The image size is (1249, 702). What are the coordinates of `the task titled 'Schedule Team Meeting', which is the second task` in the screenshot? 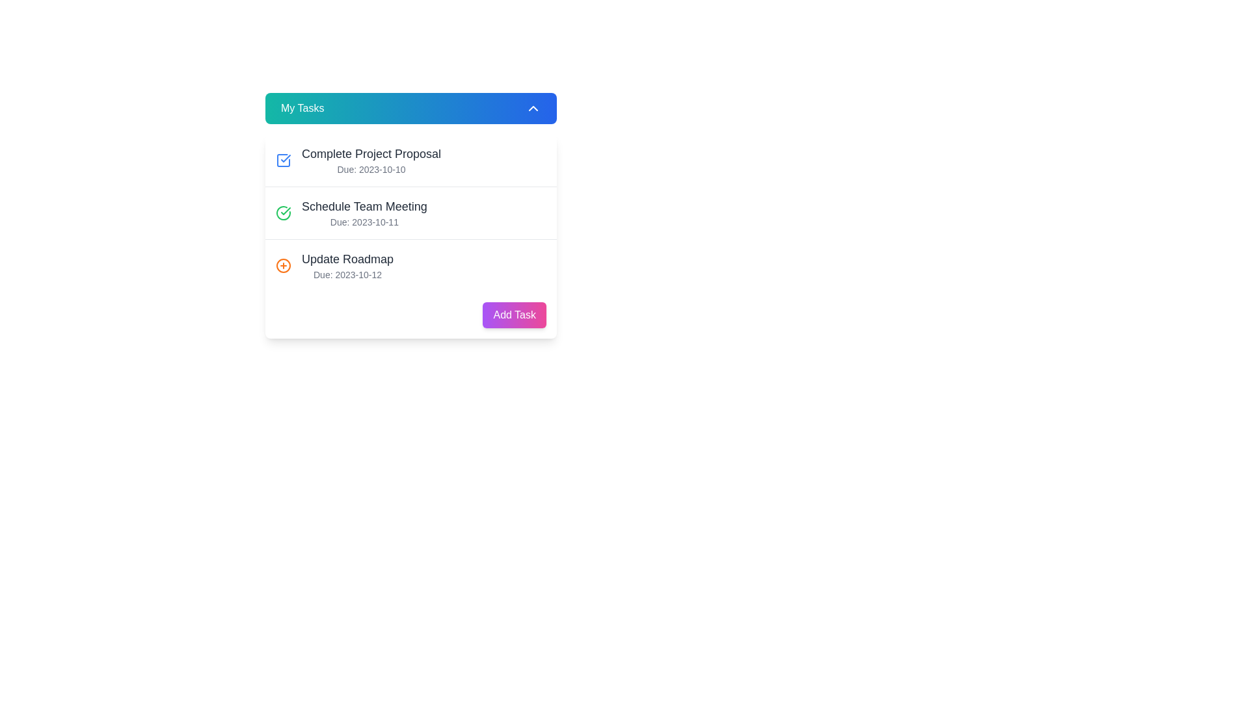 It's located at (410, 212).